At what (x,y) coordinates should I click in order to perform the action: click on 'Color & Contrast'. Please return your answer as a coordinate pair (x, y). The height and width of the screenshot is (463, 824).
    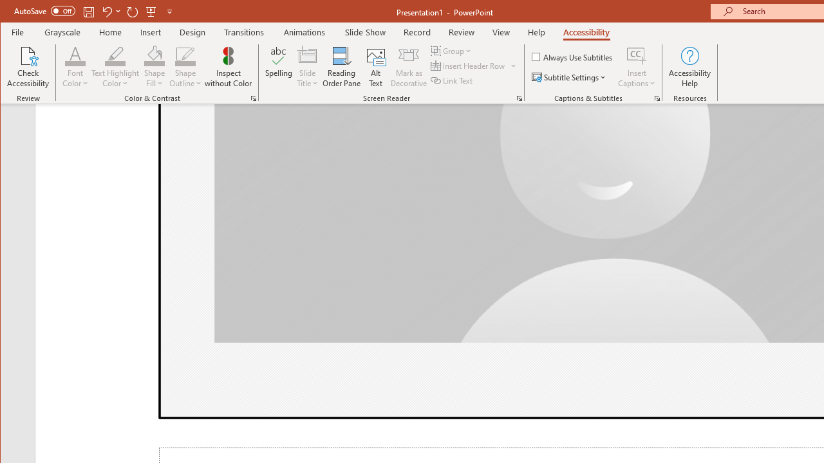
    Looking at the image, I should click on (254, 98).